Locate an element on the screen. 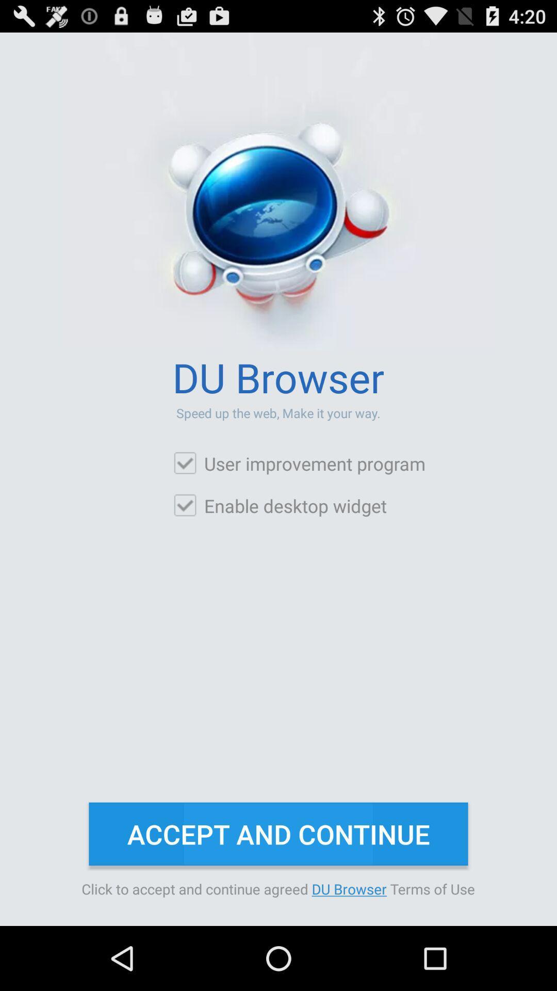  the checkbox below user improvement program checkbox is located at coordinates (280, 505).